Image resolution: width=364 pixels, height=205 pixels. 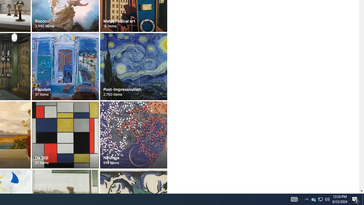 I want to click on 'Fauvism 37 items', so click(x=65, y=66).